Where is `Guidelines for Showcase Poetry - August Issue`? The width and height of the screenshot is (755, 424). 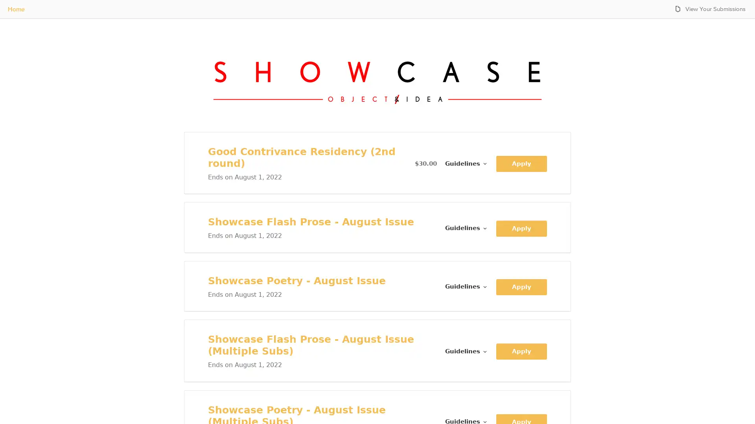
Guidelines for Showcase Poetry - August Issue is located at coordinates (466, 286).